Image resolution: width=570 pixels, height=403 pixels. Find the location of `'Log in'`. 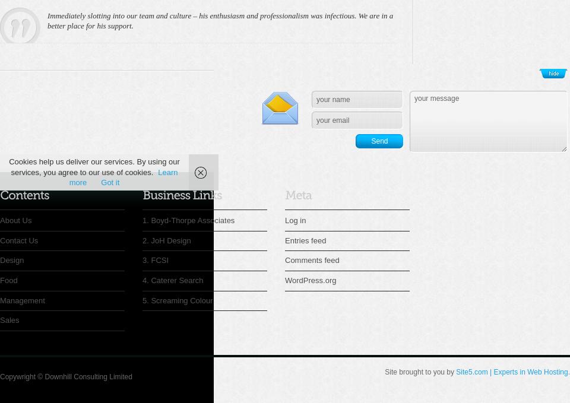

'Log in' is located at coordinates (294, 220).